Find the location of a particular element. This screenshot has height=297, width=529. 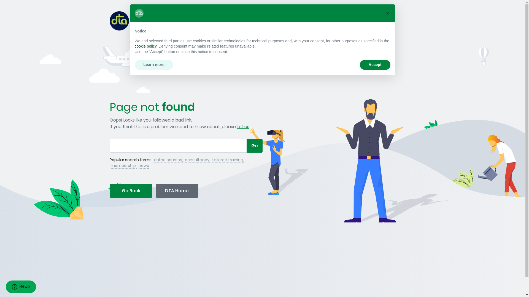

'membership,' is located at coordinates (110, 165).